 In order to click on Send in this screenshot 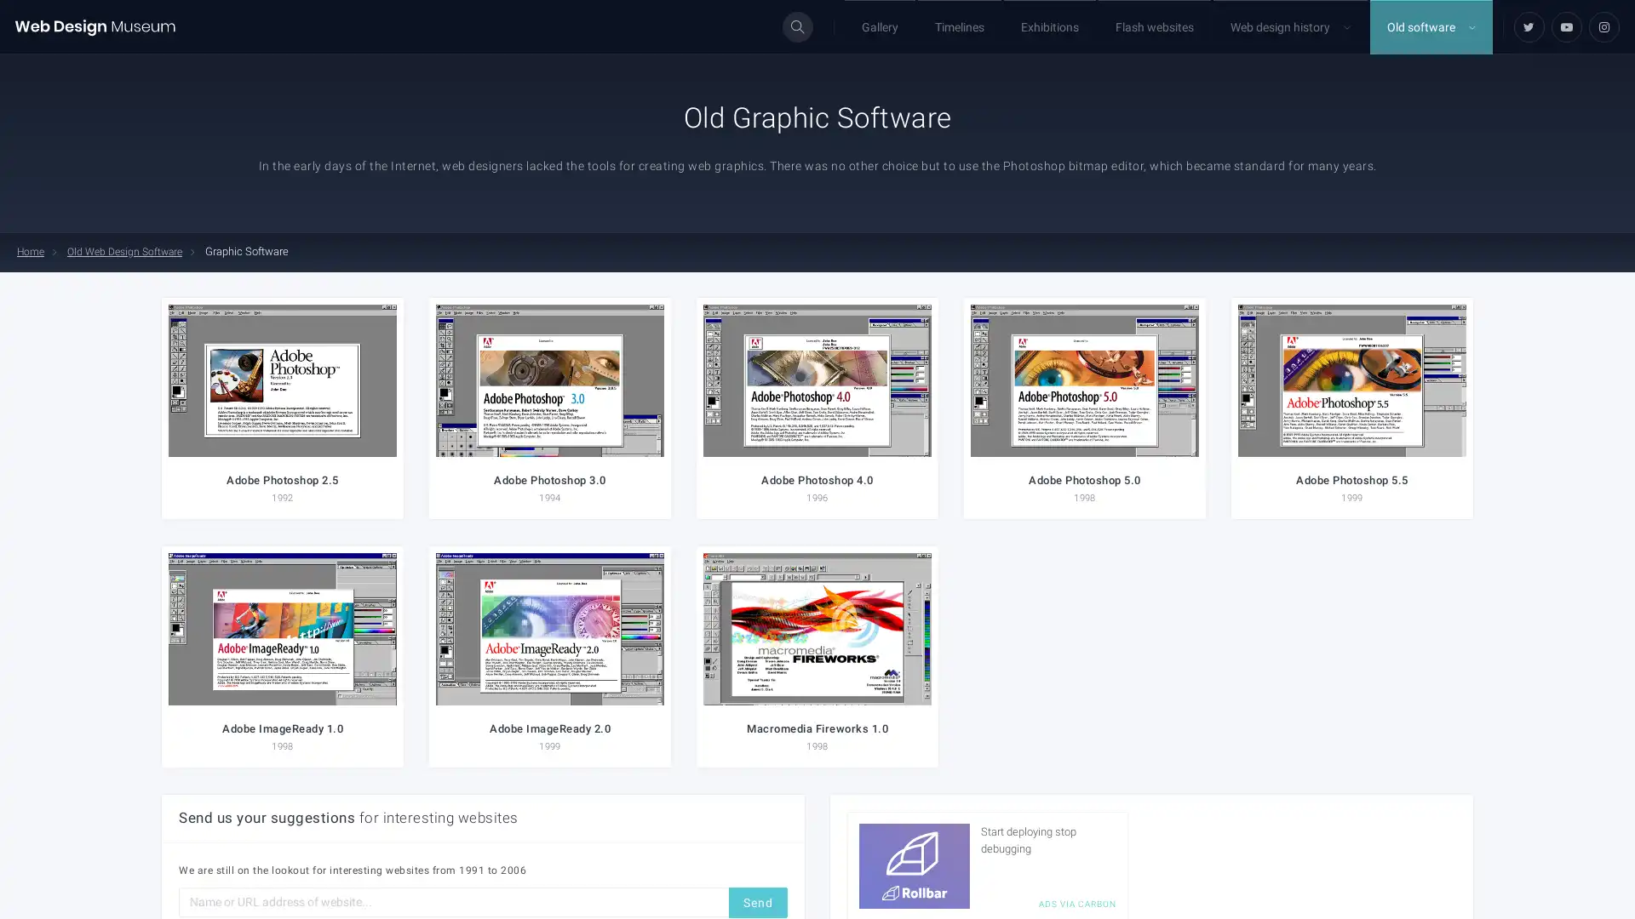, I will do `click(757, 901)`.